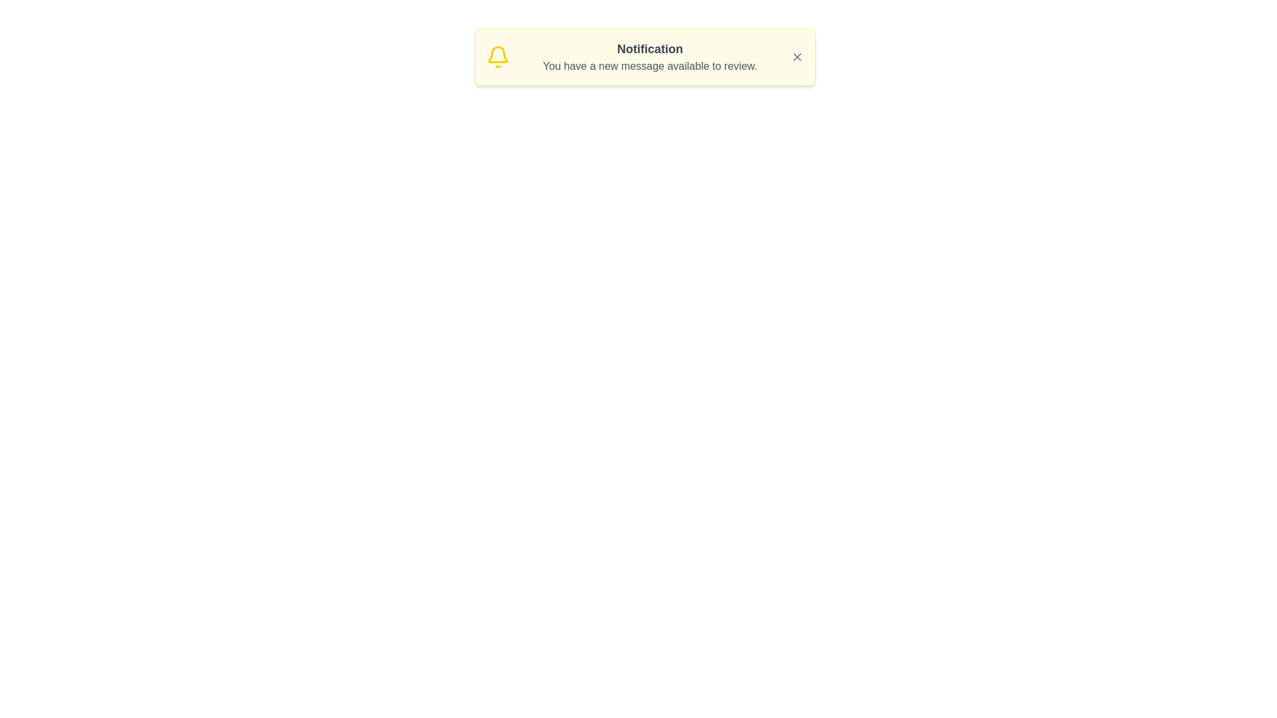 The width and height of the screenshot is (1277, 718). Describe the element at coordinates (650, 66) in the screenshot. I see `the static text notification that reads 'You have a new message available to review.' which is located below the 'Notification' header` at that location.